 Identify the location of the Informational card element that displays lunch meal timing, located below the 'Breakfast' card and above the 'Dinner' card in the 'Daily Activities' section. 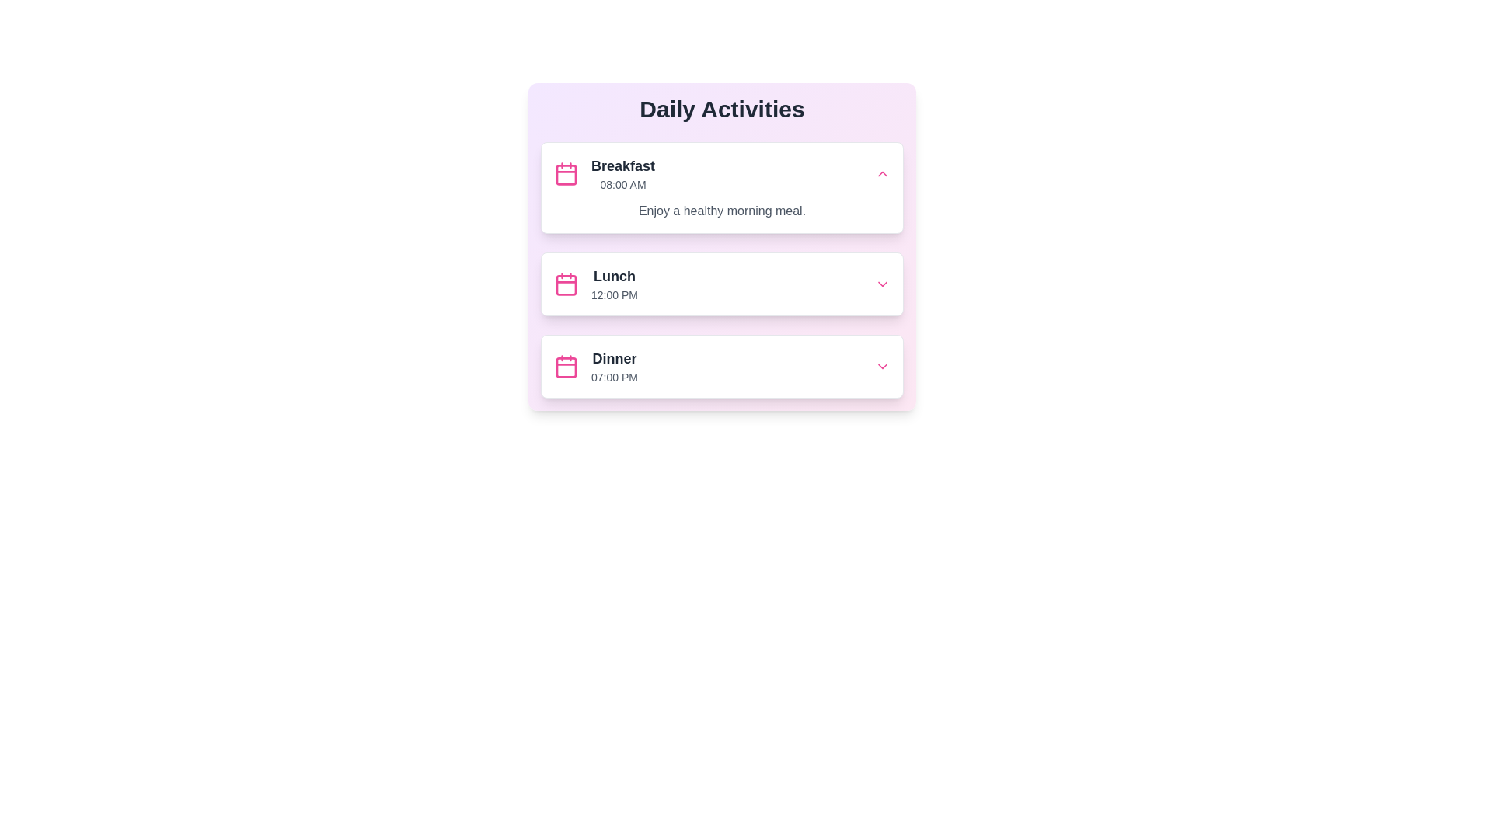
(721, 269).